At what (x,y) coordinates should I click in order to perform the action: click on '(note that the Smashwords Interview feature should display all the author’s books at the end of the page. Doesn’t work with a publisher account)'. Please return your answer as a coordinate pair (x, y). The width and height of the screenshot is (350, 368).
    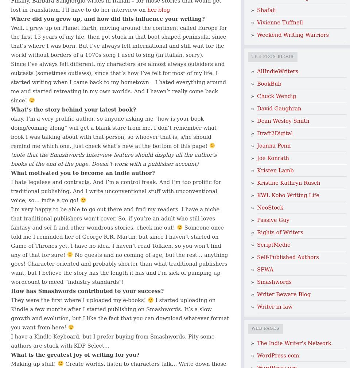
    Looking at the image, I should click on (114, 159).